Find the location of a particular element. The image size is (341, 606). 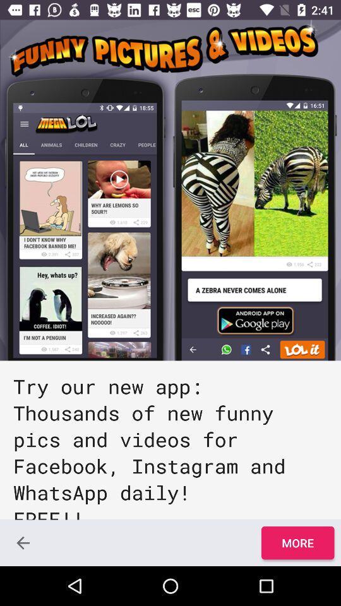

more item is located at coordinates (297, 542).